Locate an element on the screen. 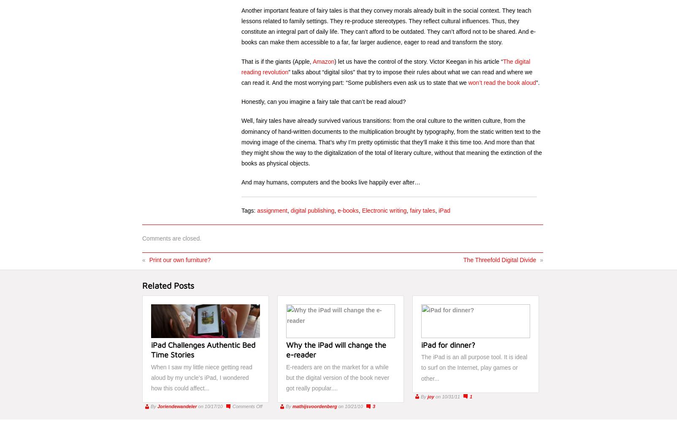 The width and height of the screenshot is (677, 425). 'Comments Off' is located at coordinates (247, 406).